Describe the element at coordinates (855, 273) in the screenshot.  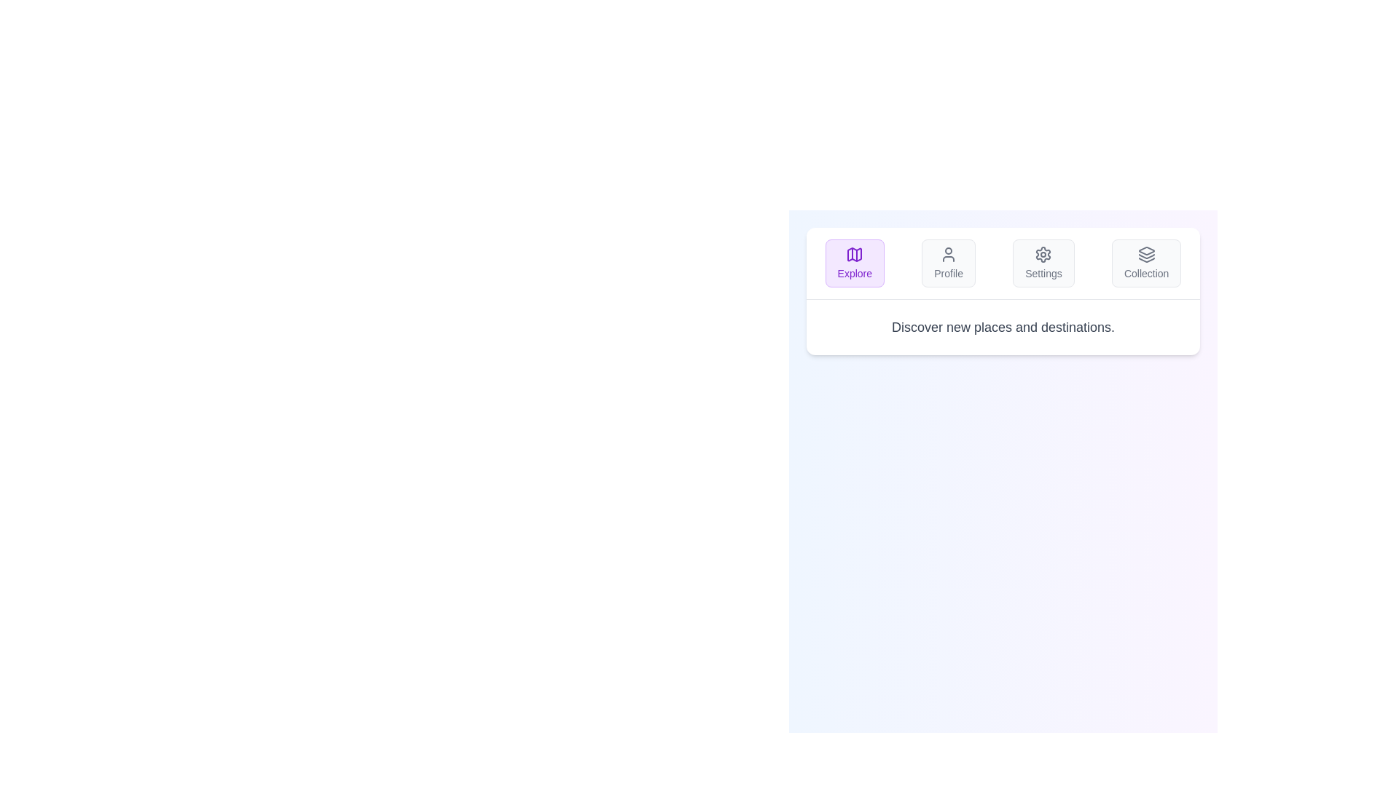
I see `the 'Explore' text label, which is the first button in a horizontal list at the top section of the interface, featuring a purple font and a map icon above it` at that location.